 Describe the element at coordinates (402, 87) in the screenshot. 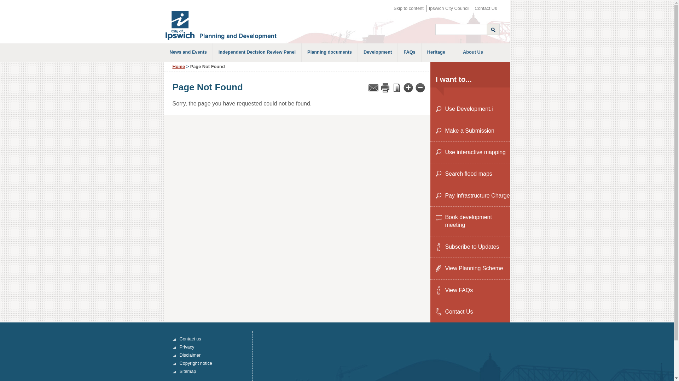

I see `'Increase font size'` at that location.